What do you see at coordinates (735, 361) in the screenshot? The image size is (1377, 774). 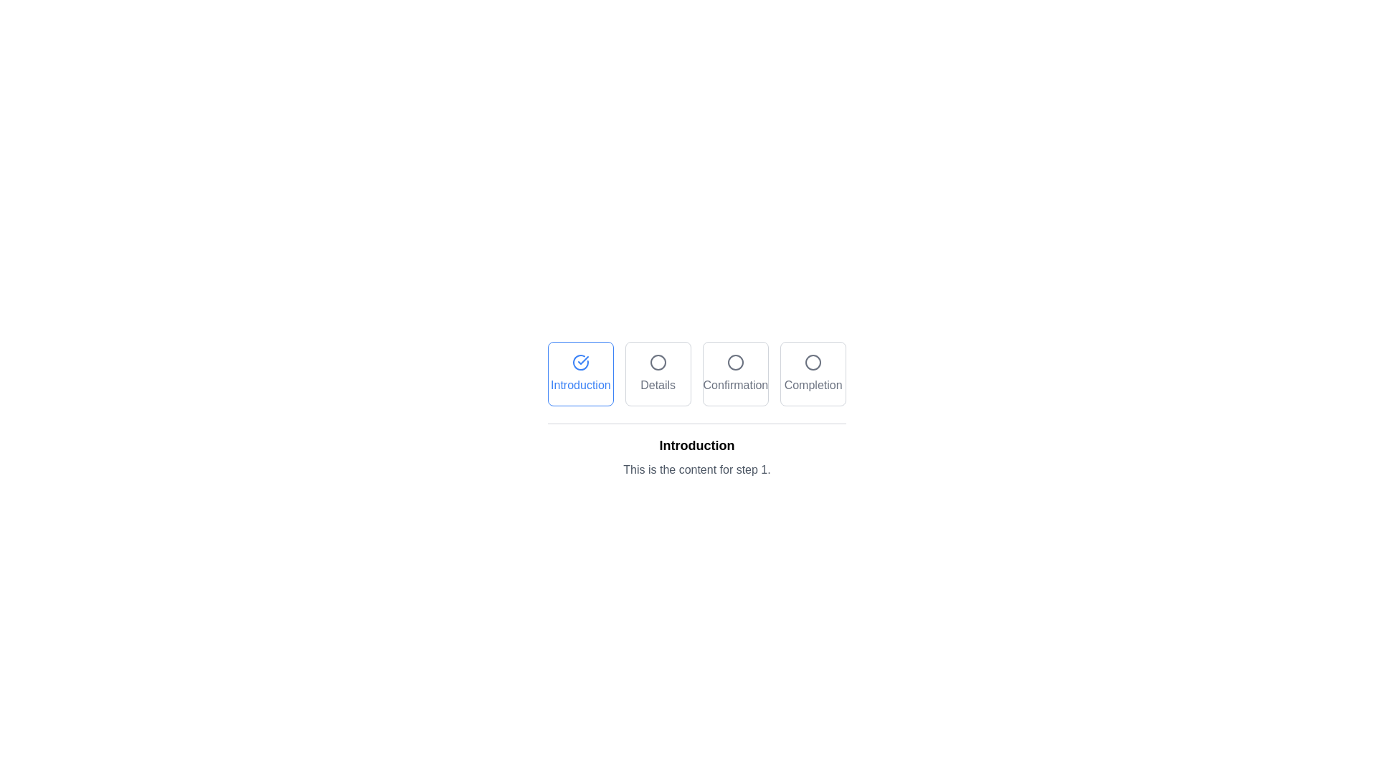 I see `the small circular icon with a hollow center and stroke, located in the 'Confirmation' step of the multi-step indicator at the bottom center of the interface` at bounding box center [735, 361].